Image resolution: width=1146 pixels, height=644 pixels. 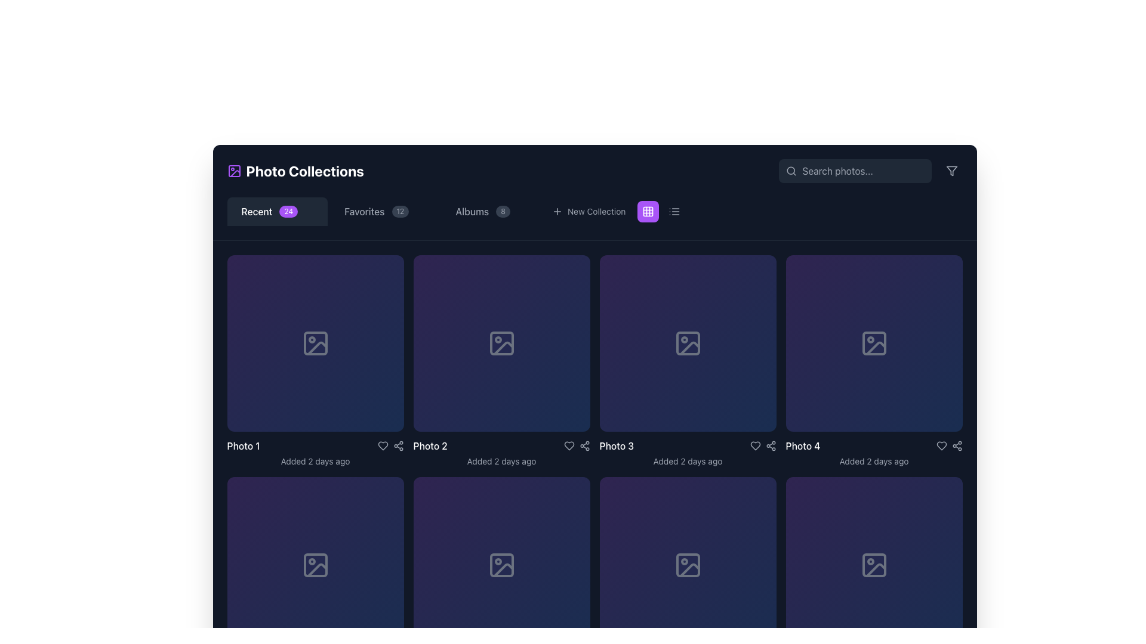 What do you see at coordinates (874, 565) in the screenshot?
I see `the image placeholder icon, which is a gray box with rounded corners located in the fourth grid cell of the bottom row` at bounding box center [874, 565].